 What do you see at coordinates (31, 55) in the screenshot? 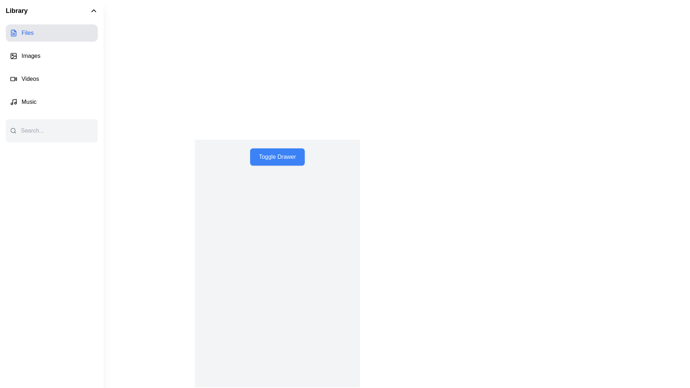
I see `on the 'Images' text label in the Library navigation menu` at bounding box center [31, 55].